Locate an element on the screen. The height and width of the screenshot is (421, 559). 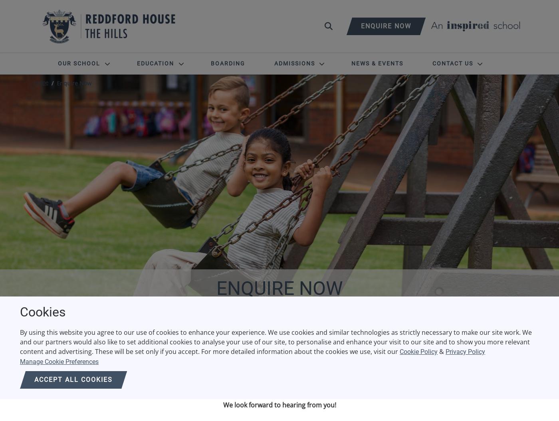
'WE CREATE EXCEPTIONAL LEARNING EXPERIENCES' is located at coordinates (279, 328).